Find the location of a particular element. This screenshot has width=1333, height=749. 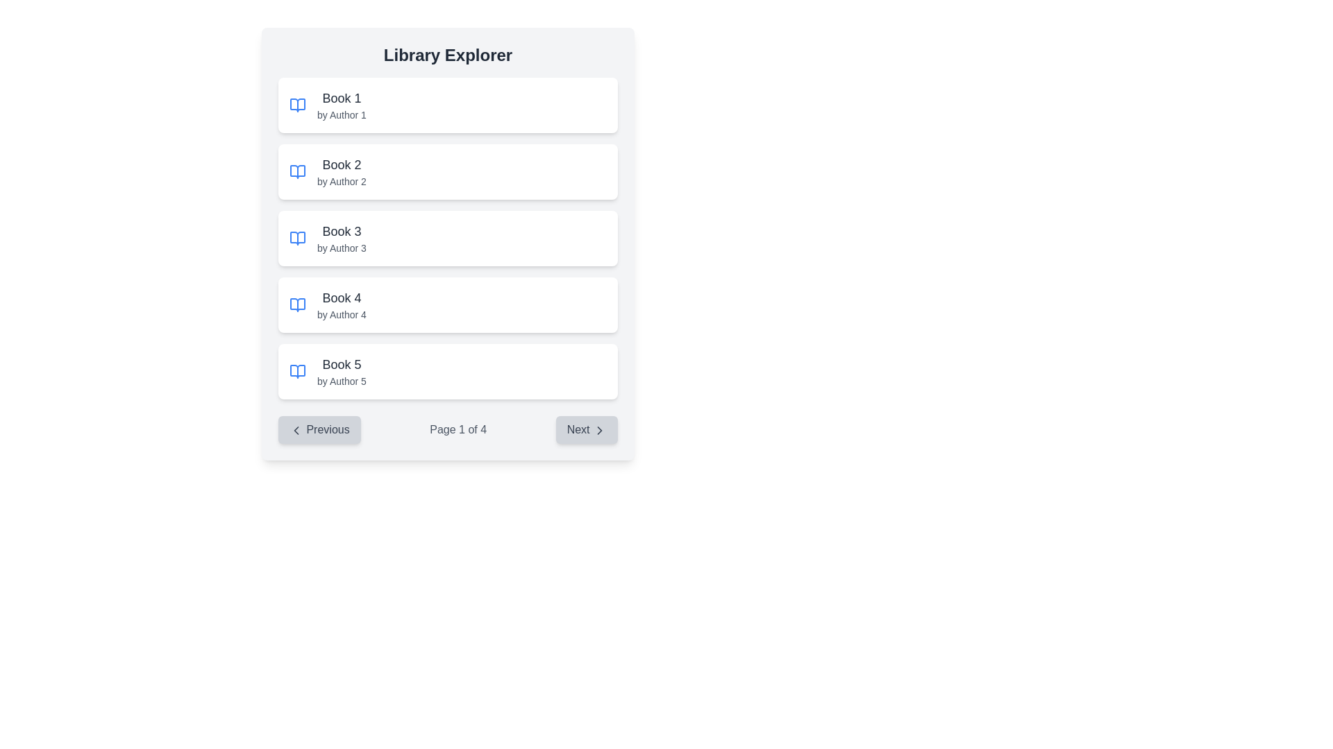

the text label displaying 'by Author 5' in a gray, small-sized font, located below 'Book 5' within a card-like structure is located at coordinates (342, 381).